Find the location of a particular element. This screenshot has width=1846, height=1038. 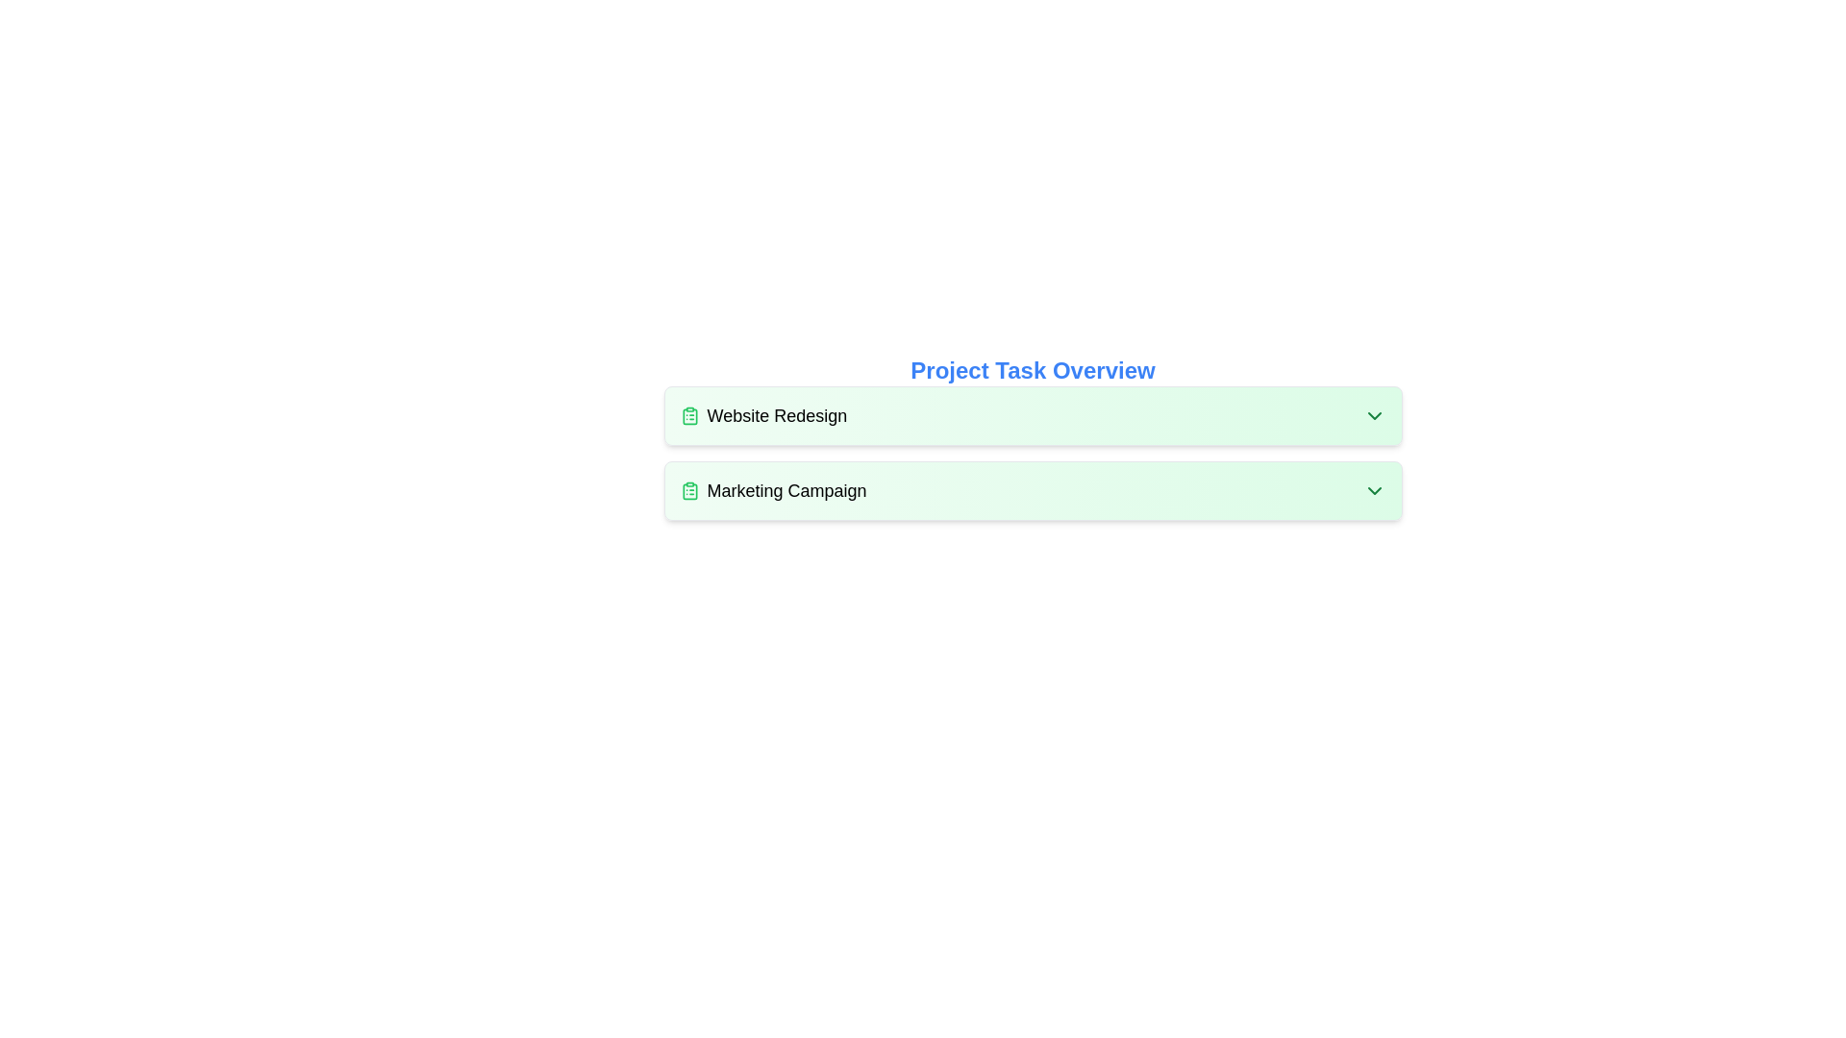

the green clipboard icon that represents a list, located to the left of the text 'Marketing Campaign' is located at coordinates (689, 489).